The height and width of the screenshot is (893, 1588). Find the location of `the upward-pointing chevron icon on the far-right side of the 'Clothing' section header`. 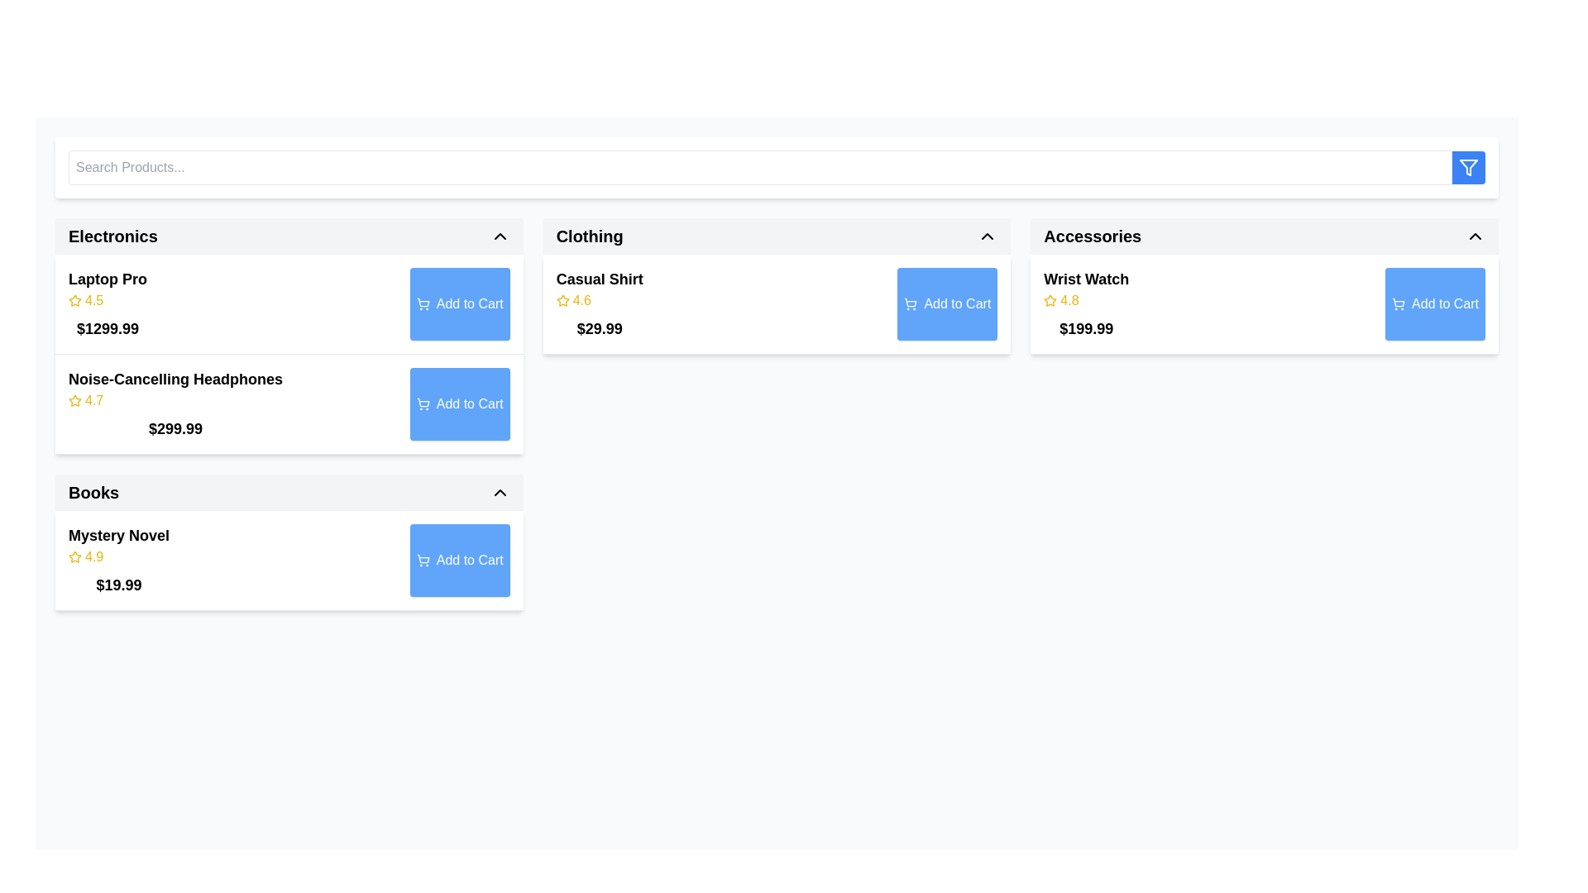

the upward-pointing chevron icon on the far-right side of the 'Clothing' section header is located at coordinates (988, 236).